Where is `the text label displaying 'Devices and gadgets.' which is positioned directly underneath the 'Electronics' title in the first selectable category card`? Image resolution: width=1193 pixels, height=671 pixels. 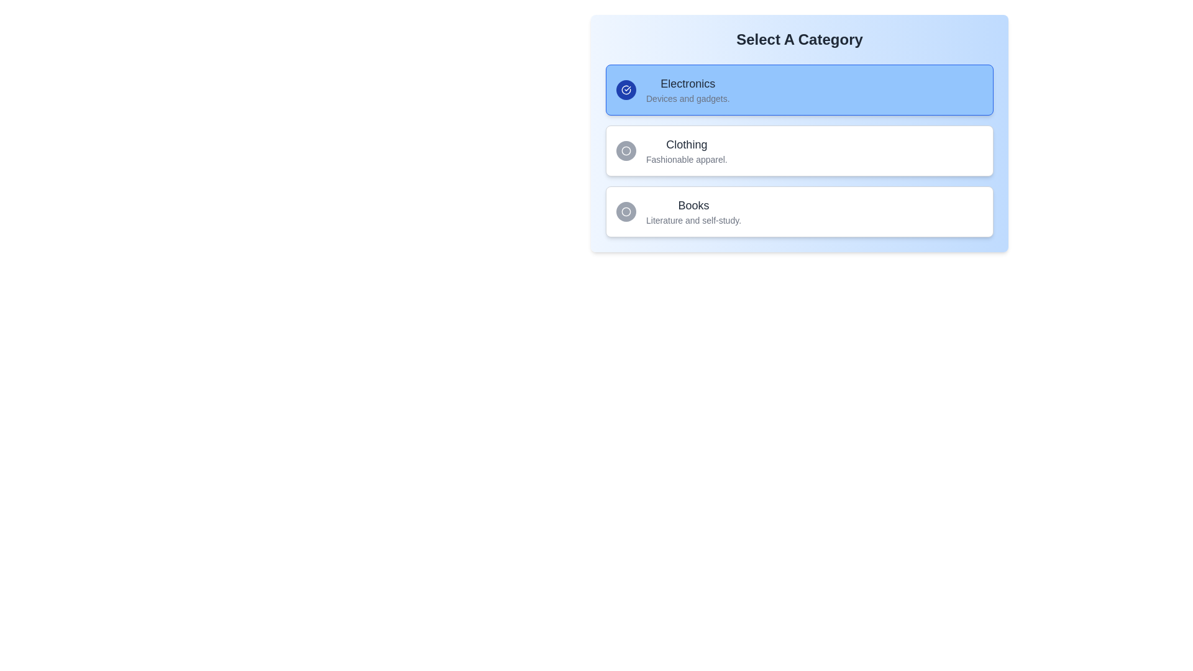
the text label displaying 'Devices and gadgets.' which is positioned directly underneath the 'Electronics' title in the first selectable category card is located at coordinates (687, 98).